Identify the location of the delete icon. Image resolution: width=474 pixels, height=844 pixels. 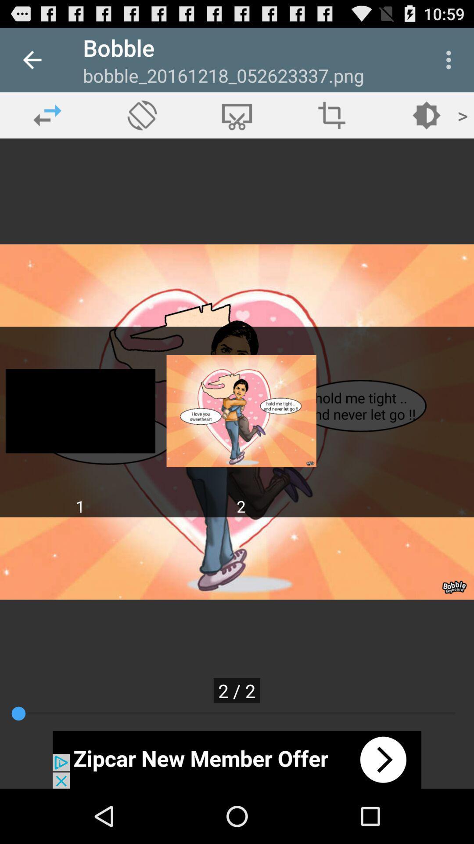
(237, 103).